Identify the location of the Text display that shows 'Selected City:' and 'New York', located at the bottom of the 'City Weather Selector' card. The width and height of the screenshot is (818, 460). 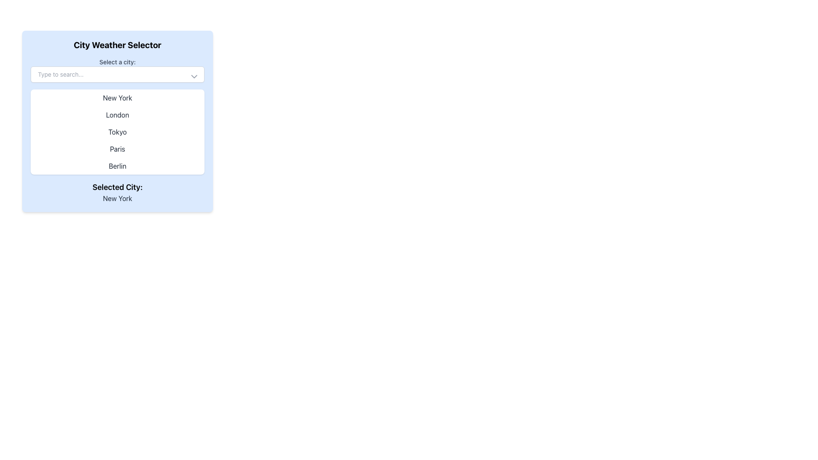
(117, 192).